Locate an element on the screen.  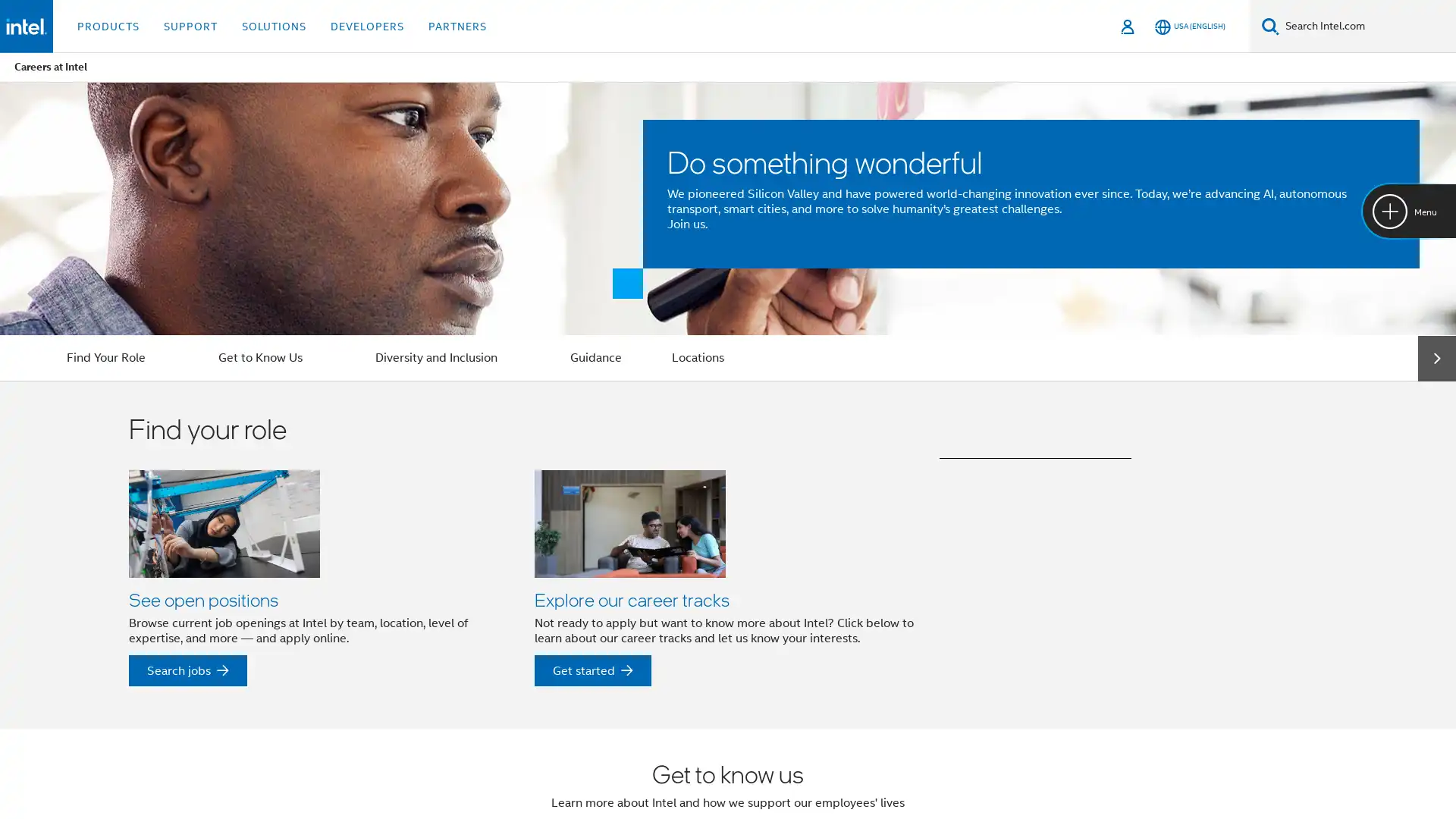
USA (English) is located at coordinates (1189, 26).